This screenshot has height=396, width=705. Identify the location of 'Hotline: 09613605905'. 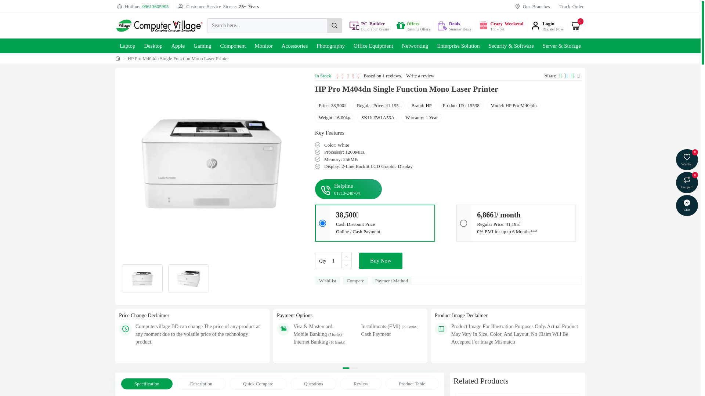
(142, 6).